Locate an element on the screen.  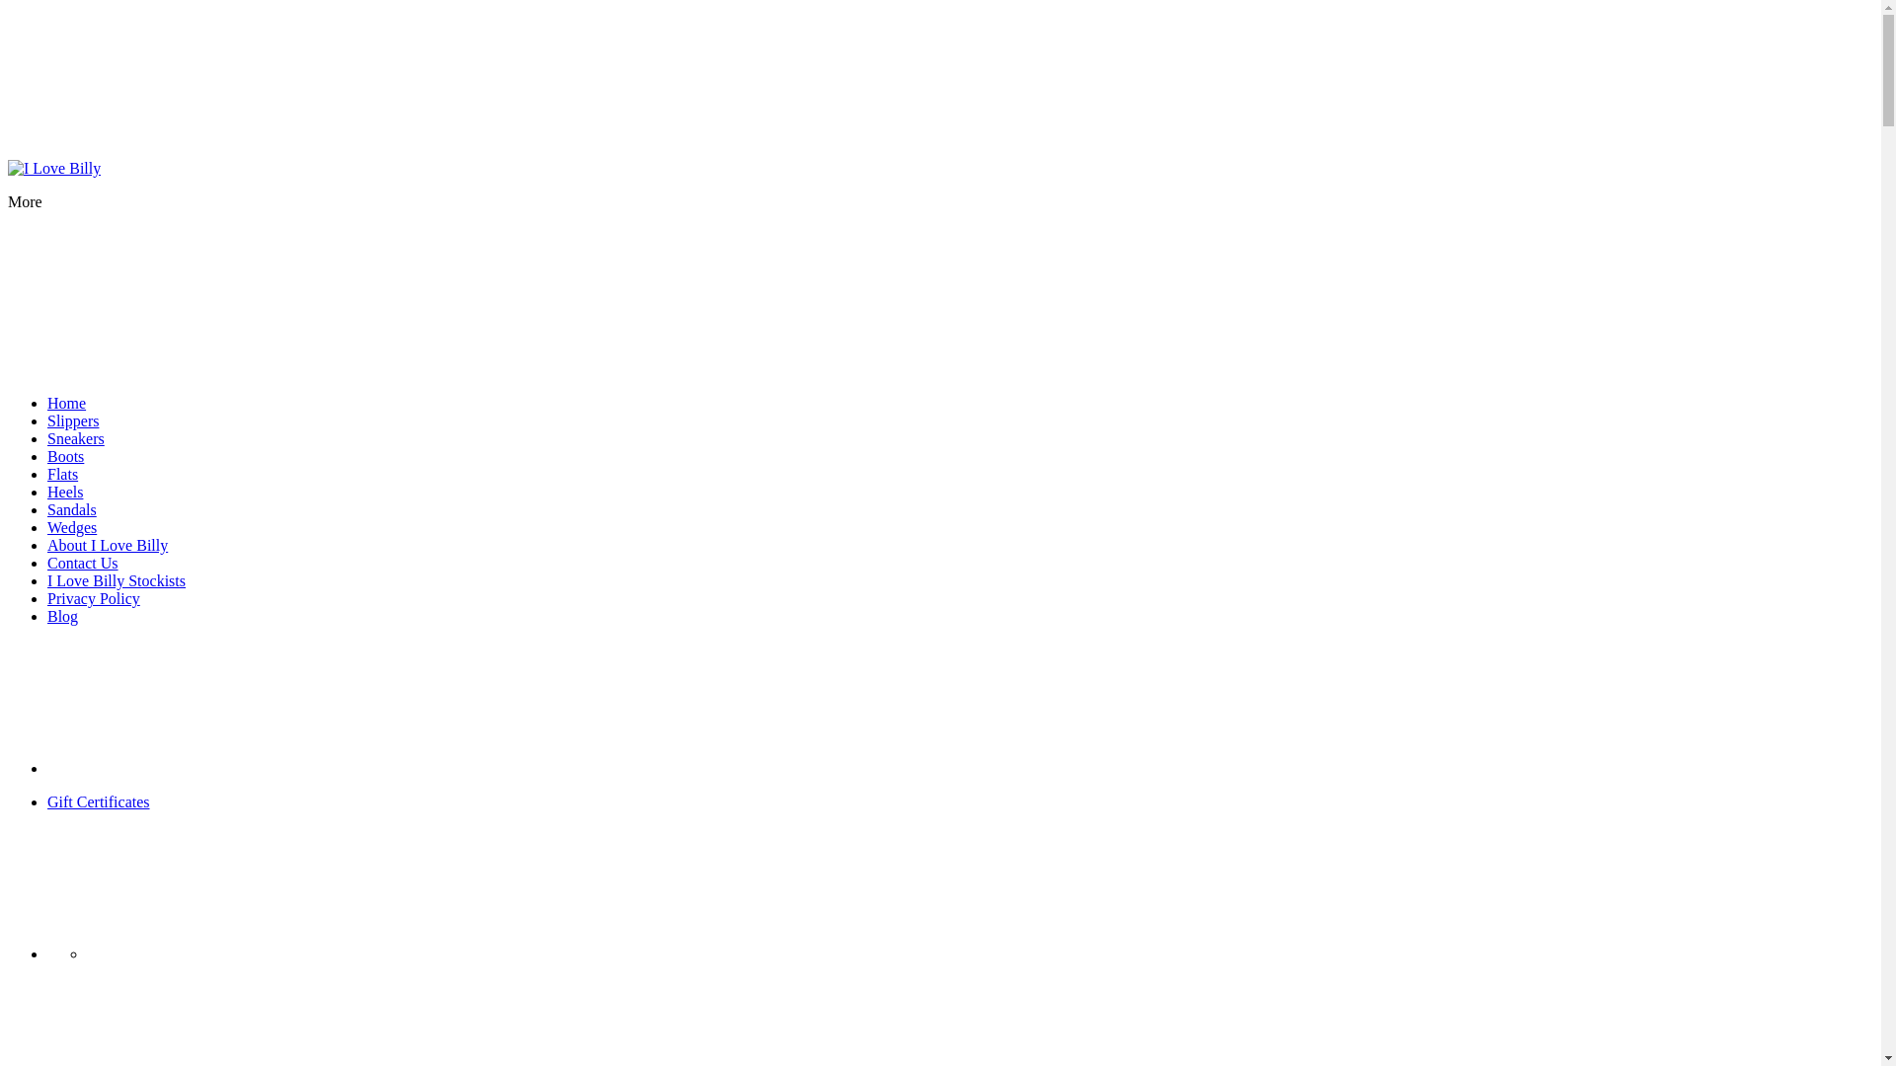
'Privacy Policy' is located at coordinates (93, 597).